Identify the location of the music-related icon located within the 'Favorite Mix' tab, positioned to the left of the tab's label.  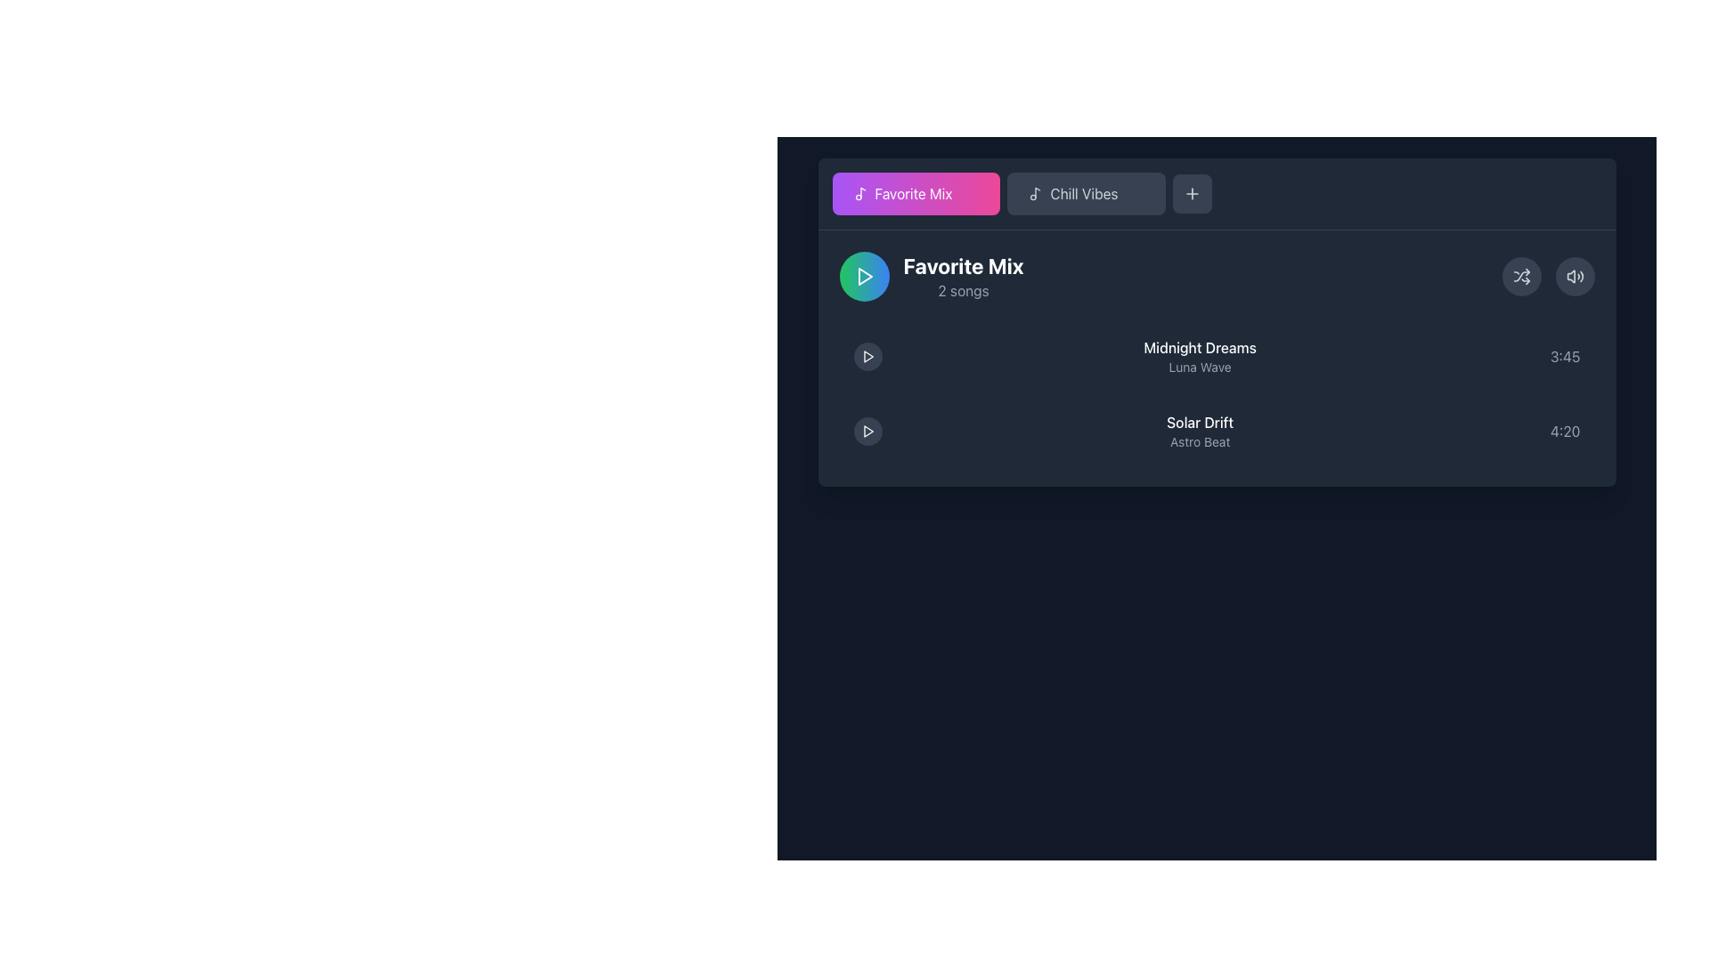
(860, 194).